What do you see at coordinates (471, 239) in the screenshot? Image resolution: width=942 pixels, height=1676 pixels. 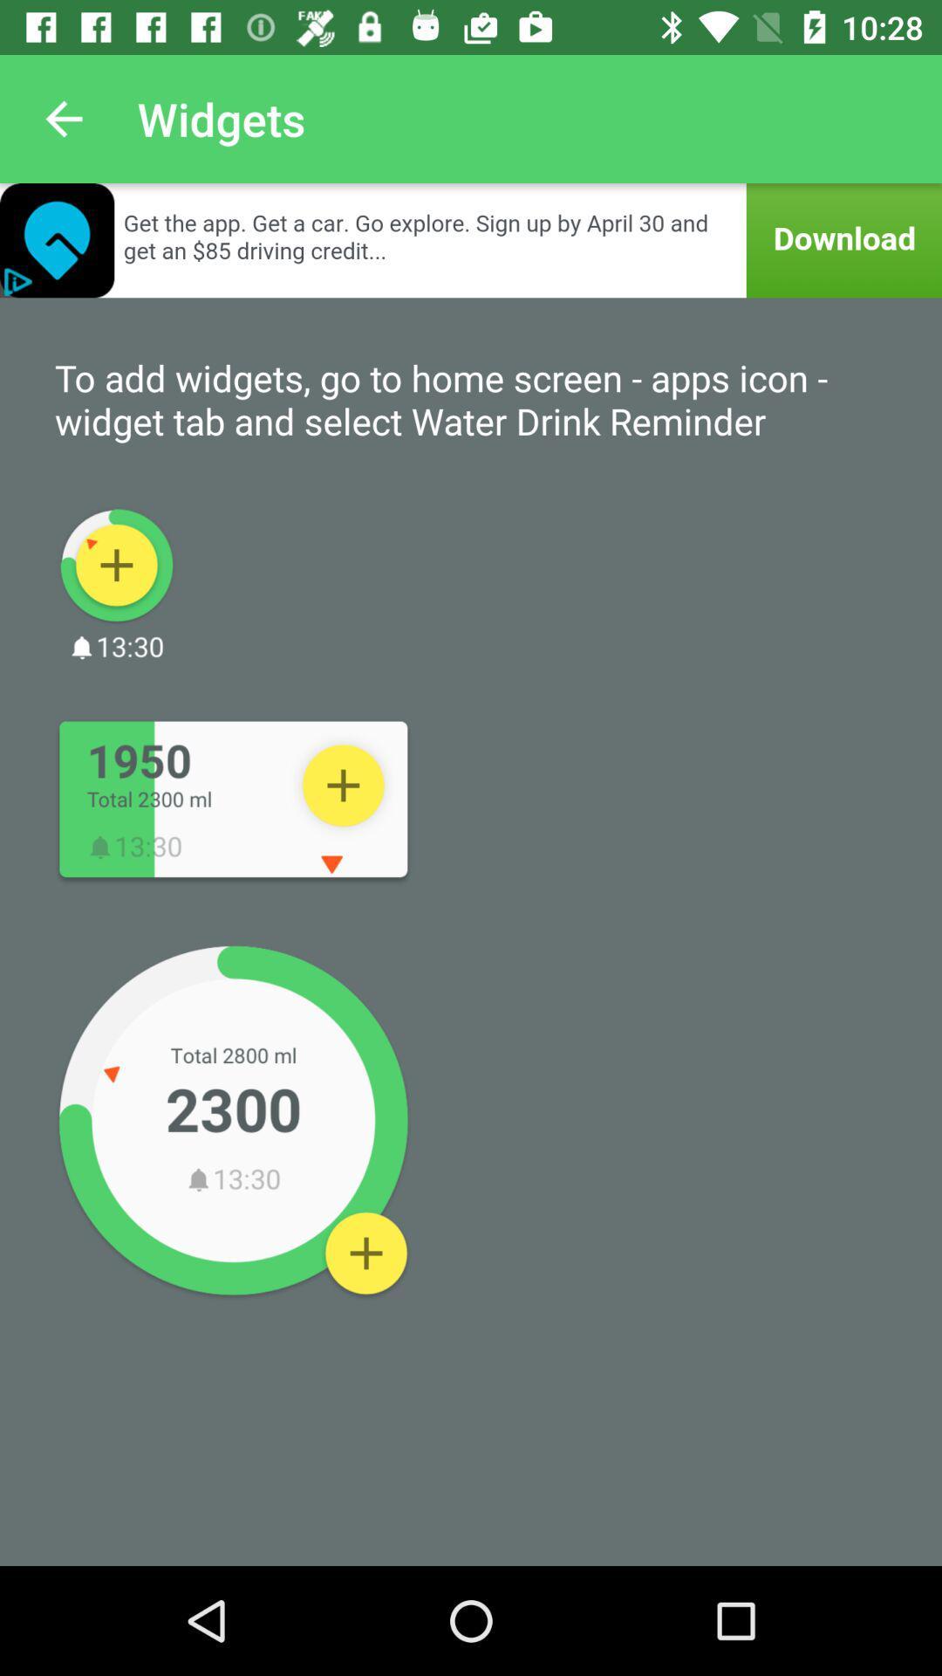 I see `download advertised app` at bounding box center [471, 239].